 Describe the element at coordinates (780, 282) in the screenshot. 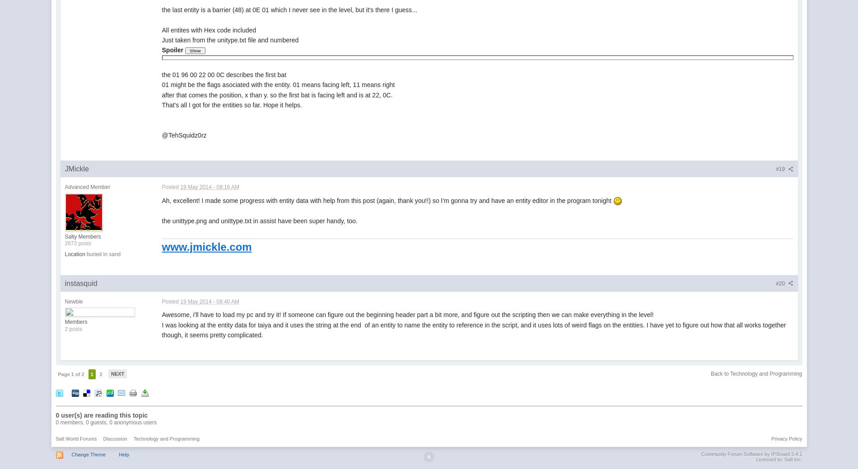

I see `'#20'` at that location.